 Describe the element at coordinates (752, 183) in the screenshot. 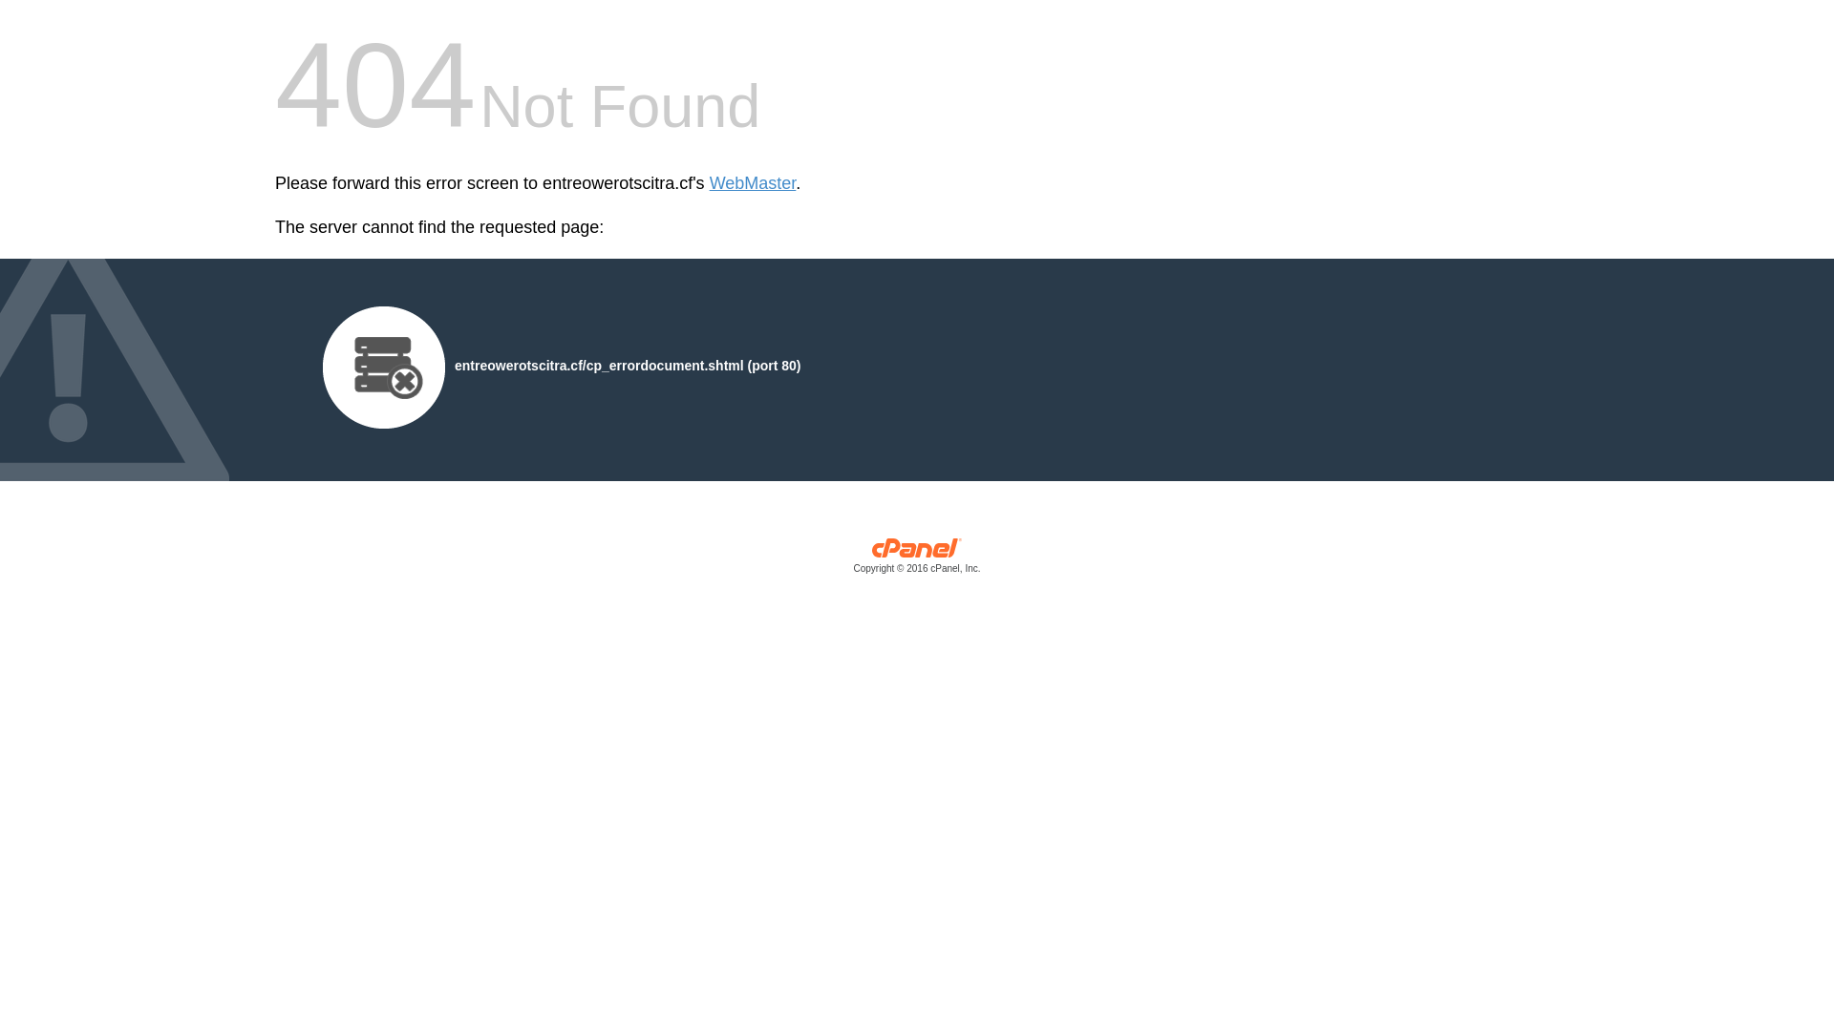

I see `'WebMaster'` at that location.